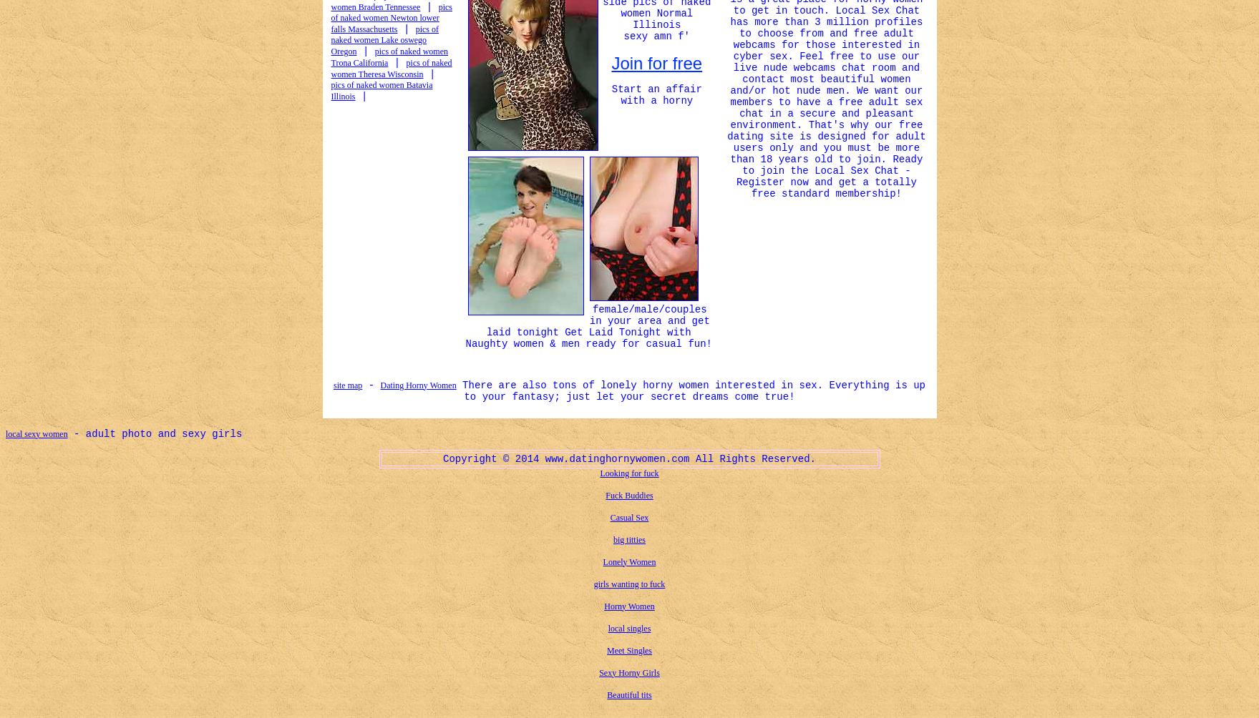 The height and width of the screenshot is (718, 1259). Describe the element at coordinates (628, 493) in the screenshot. I see `'Fuck Buddies'` at that location.